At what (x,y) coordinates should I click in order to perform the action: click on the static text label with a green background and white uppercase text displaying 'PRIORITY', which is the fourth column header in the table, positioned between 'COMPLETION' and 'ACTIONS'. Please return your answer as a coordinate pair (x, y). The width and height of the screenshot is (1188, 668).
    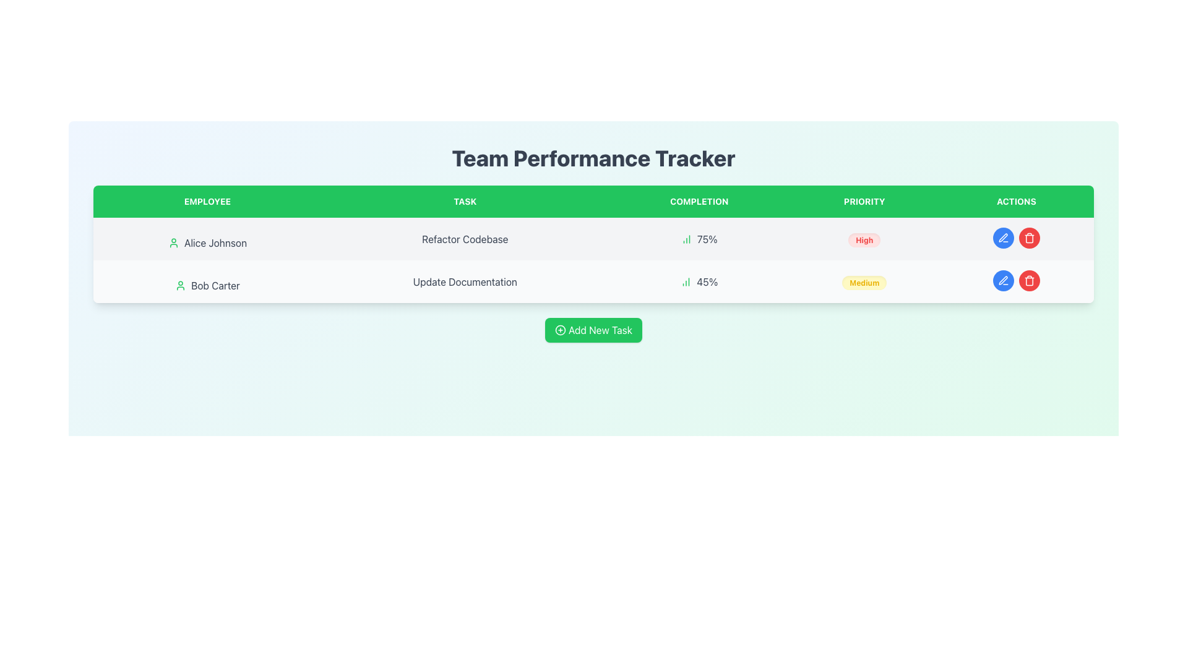
    Looking at the image, I should click on (864, 201).